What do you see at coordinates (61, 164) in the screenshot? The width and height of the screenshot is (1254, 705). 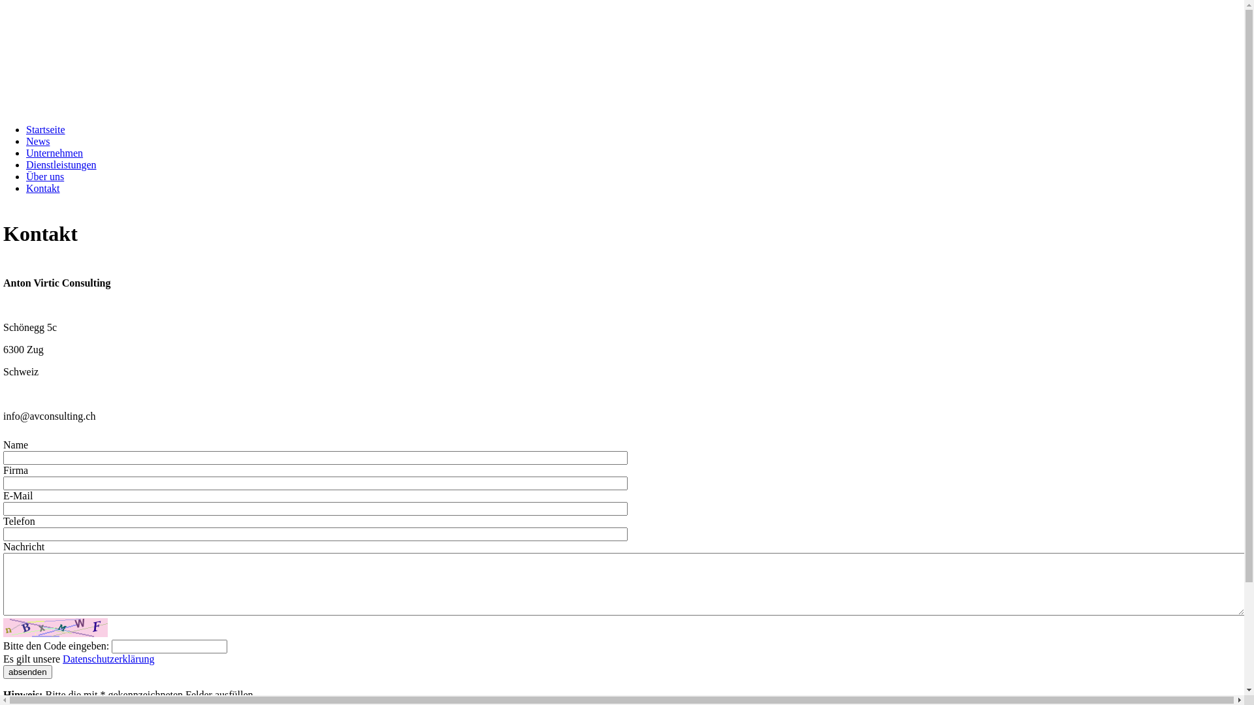 I see `'Dienstleistungen'` at bounding box center [61, 164].